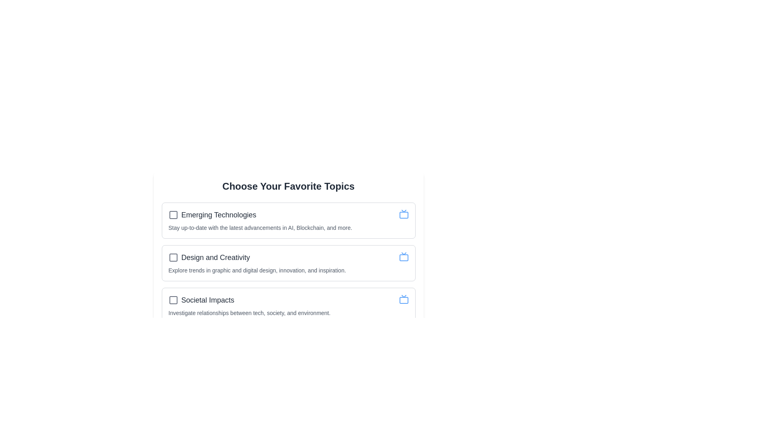 This screenshot has height=434, width=771. Describe the element at coordinates (216, 257) in the screenshot. I see `text label titled 'Design and Creativity', which is displayed in a large, bold, grayish-black font as part of a list of selectable topics` at that location.